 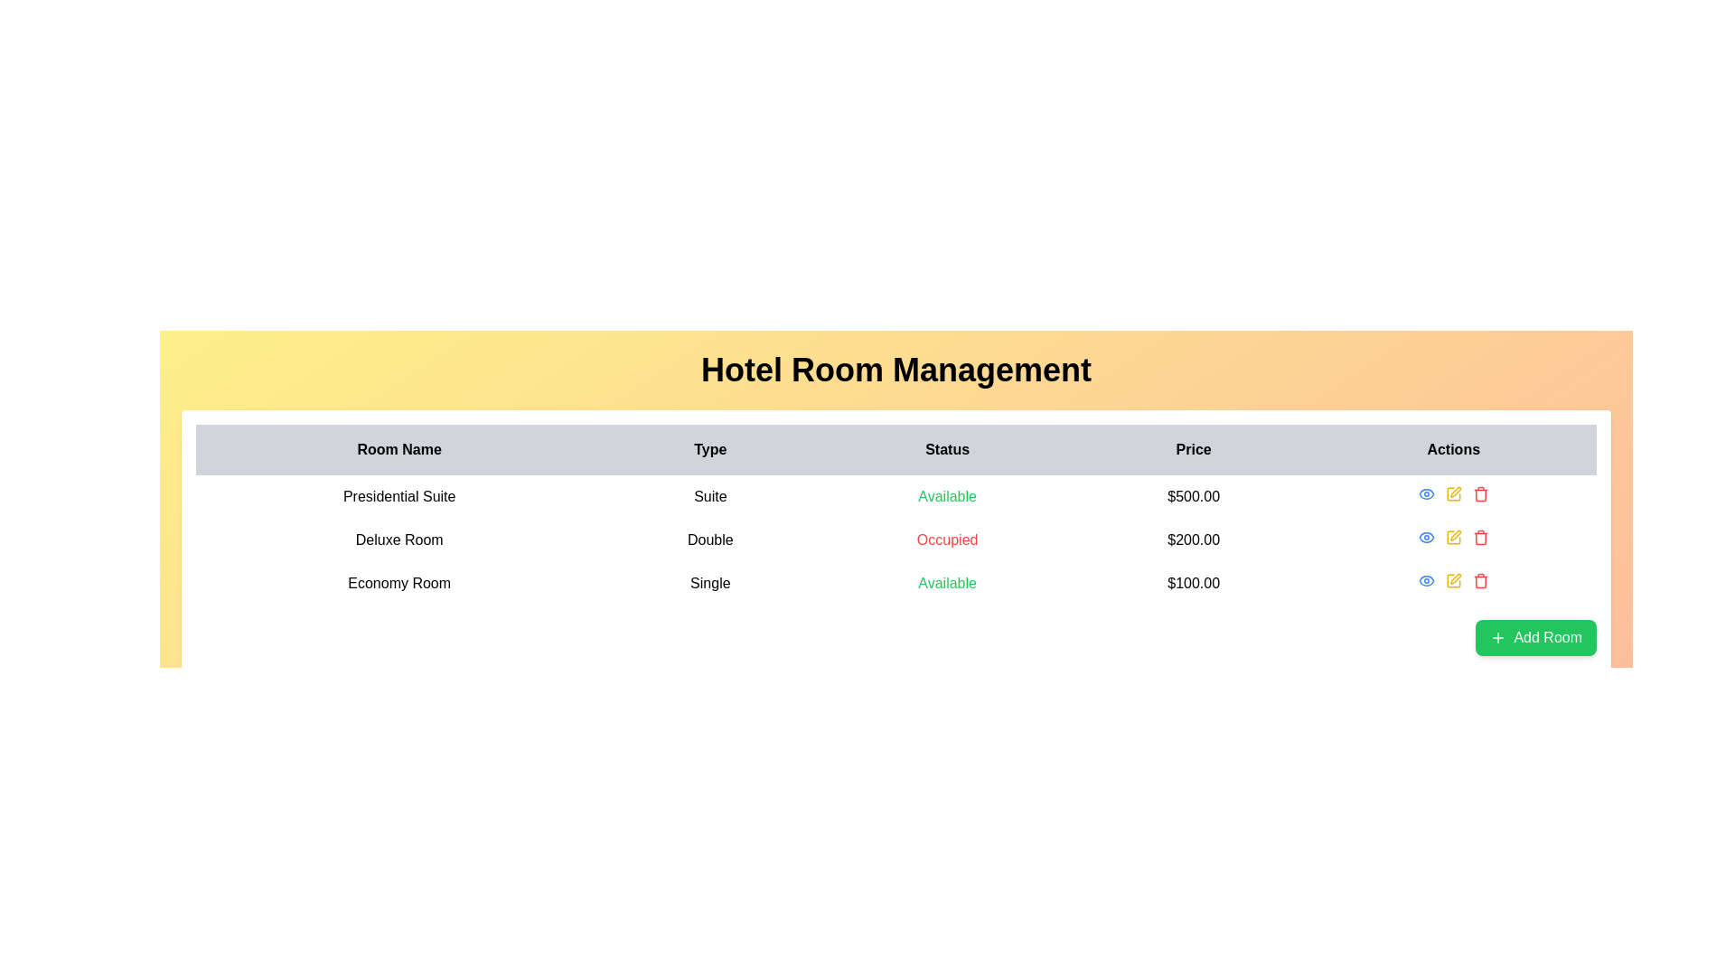 I want to click on the text label reading 'Available' in green color under the 'Status' column for the 'Presidential Suite.', so click(x=946, y=497).